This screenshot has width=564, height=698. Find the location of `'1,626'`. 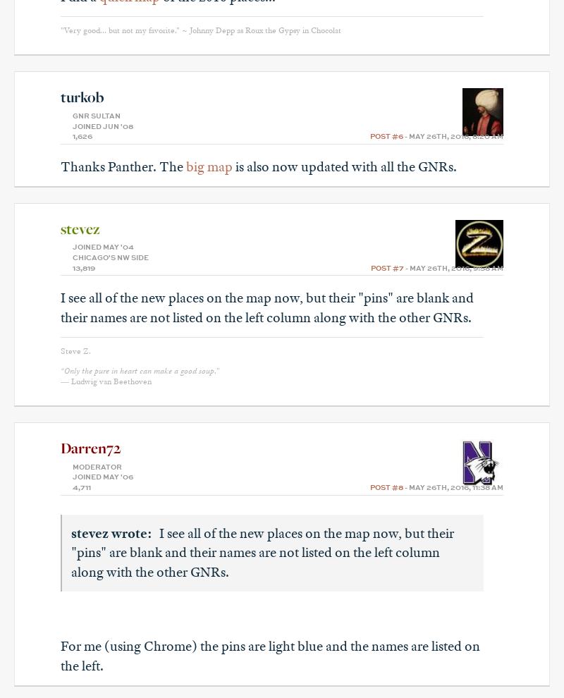

'1,626' is located at coordinates (81, 137).